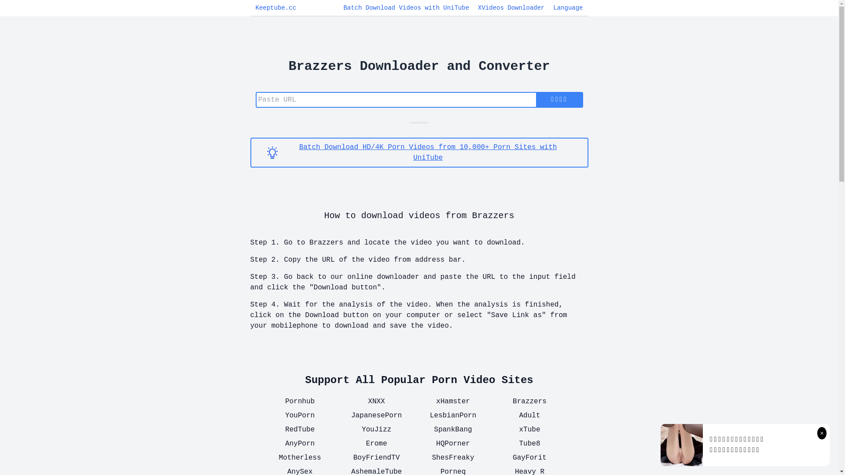  I want to click on 'Brazzers', so click(529, 402).